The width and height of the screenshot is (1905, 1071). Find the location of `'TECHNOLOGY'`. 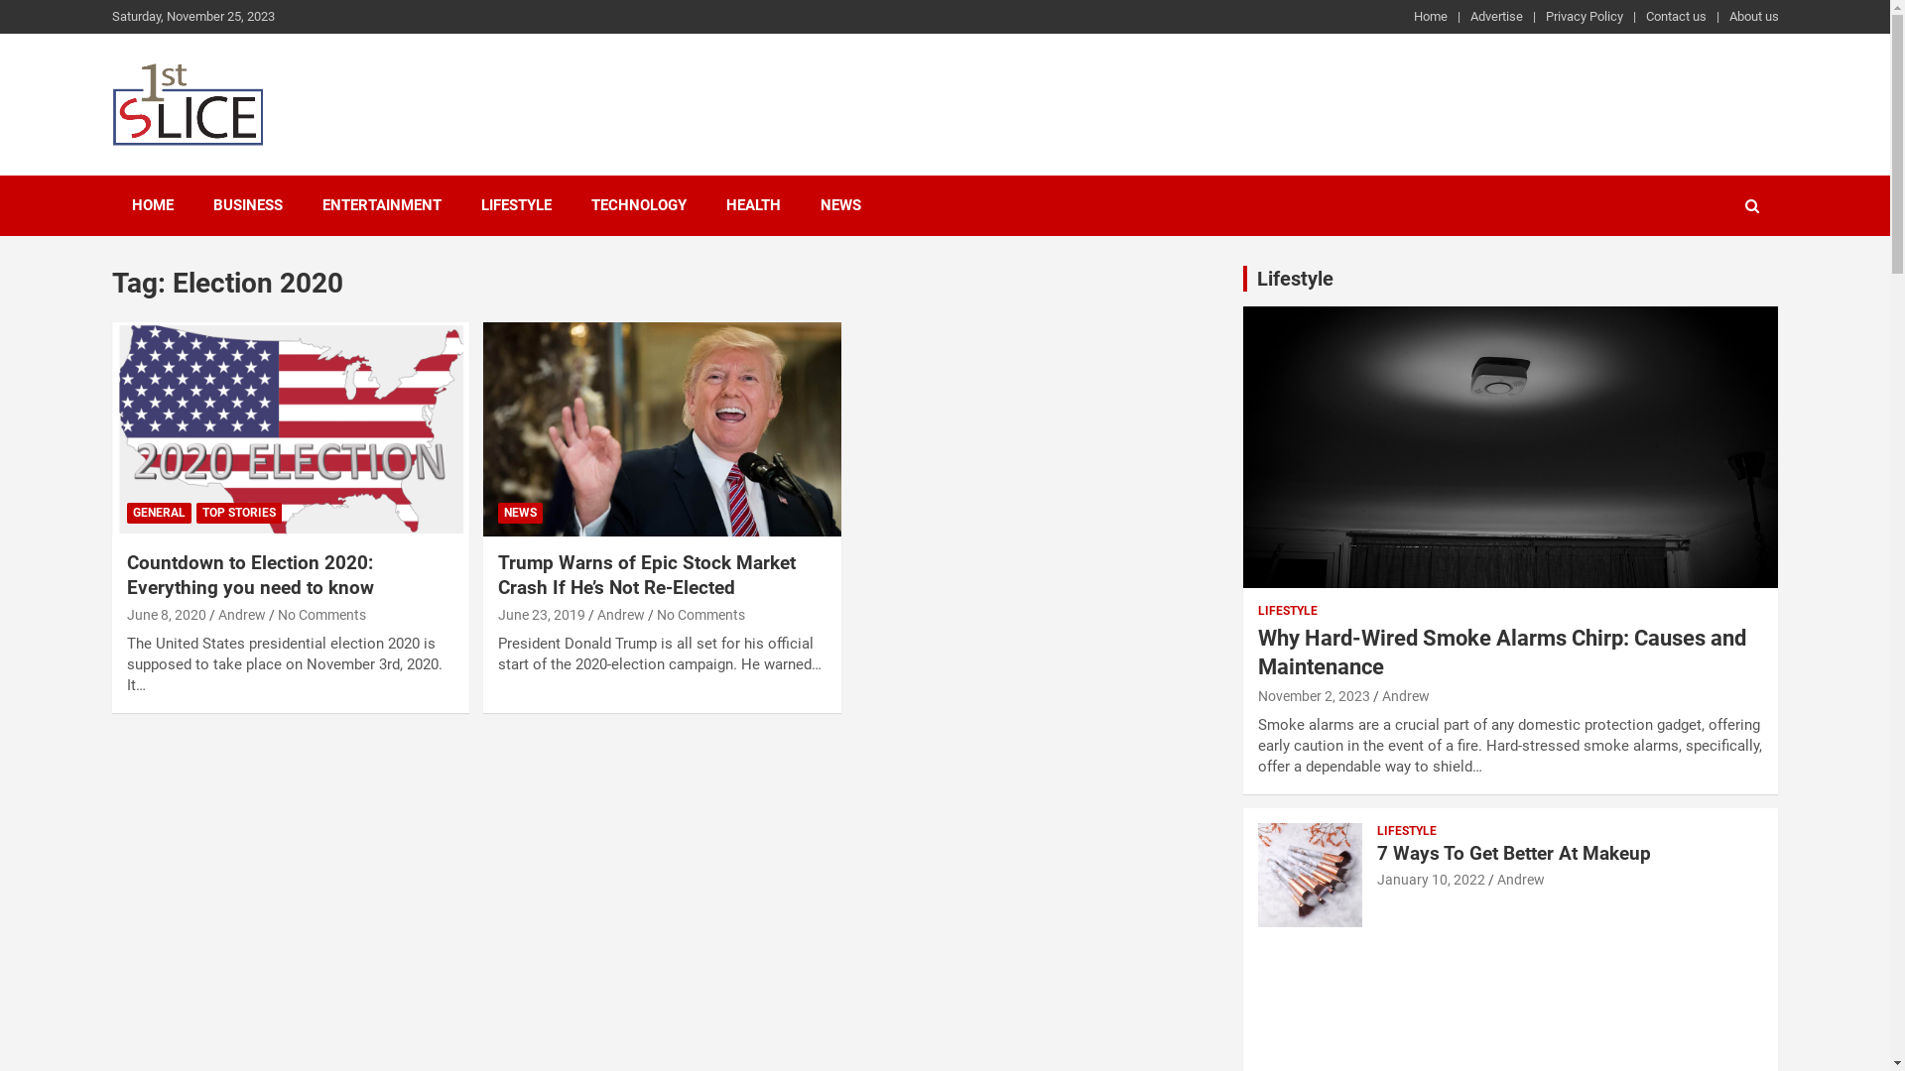

'TECHNOLOGY' is located at coordinates (638, 205).